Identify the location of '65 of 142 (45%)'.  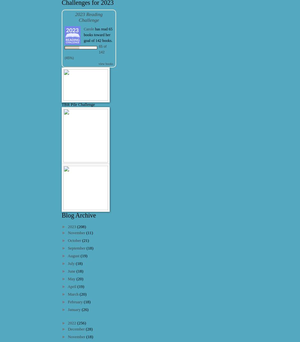
(65, 52).